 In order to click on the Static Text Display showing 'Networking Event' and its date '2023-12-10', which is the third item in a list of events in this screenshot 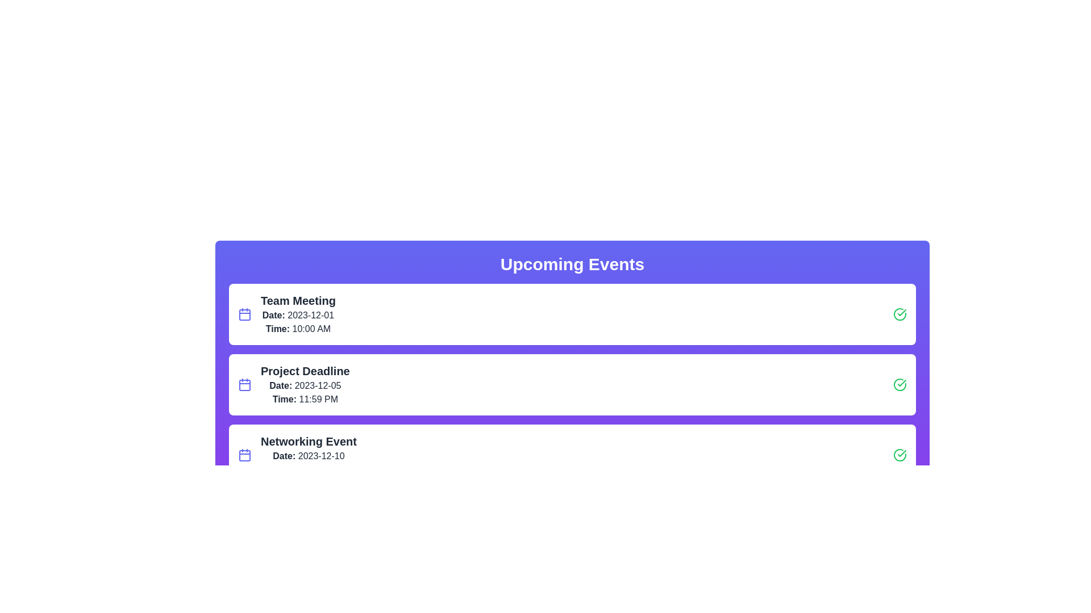, I will do `click(309, 455)`.